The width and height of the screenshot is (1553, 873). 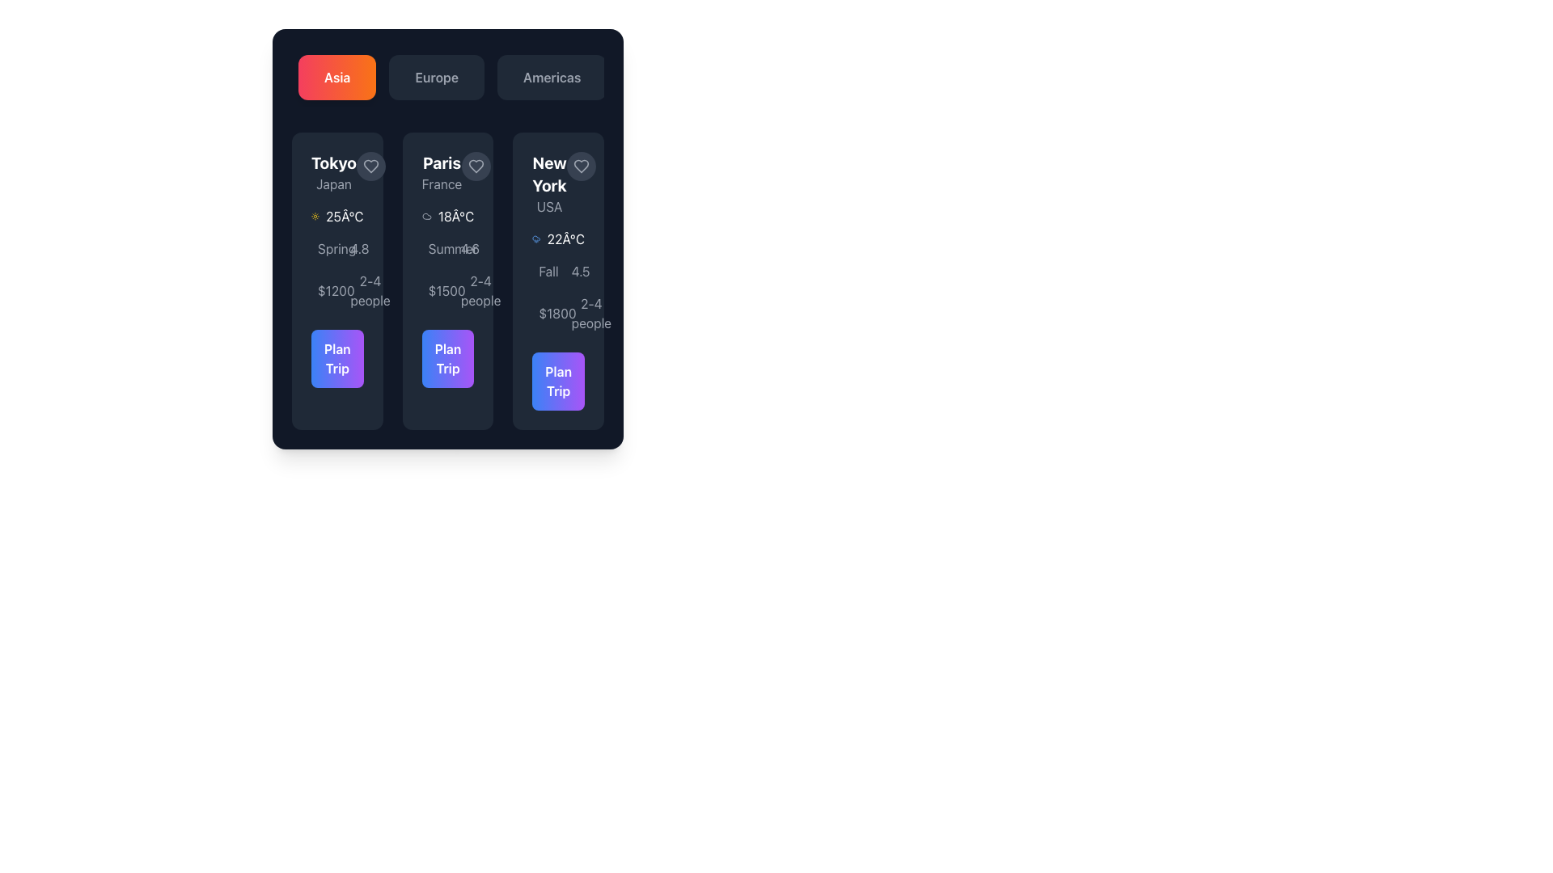 I want to click on text label indicating the name of a city destination, located in the third column above the text 'USA', so click(x=549, y=175).